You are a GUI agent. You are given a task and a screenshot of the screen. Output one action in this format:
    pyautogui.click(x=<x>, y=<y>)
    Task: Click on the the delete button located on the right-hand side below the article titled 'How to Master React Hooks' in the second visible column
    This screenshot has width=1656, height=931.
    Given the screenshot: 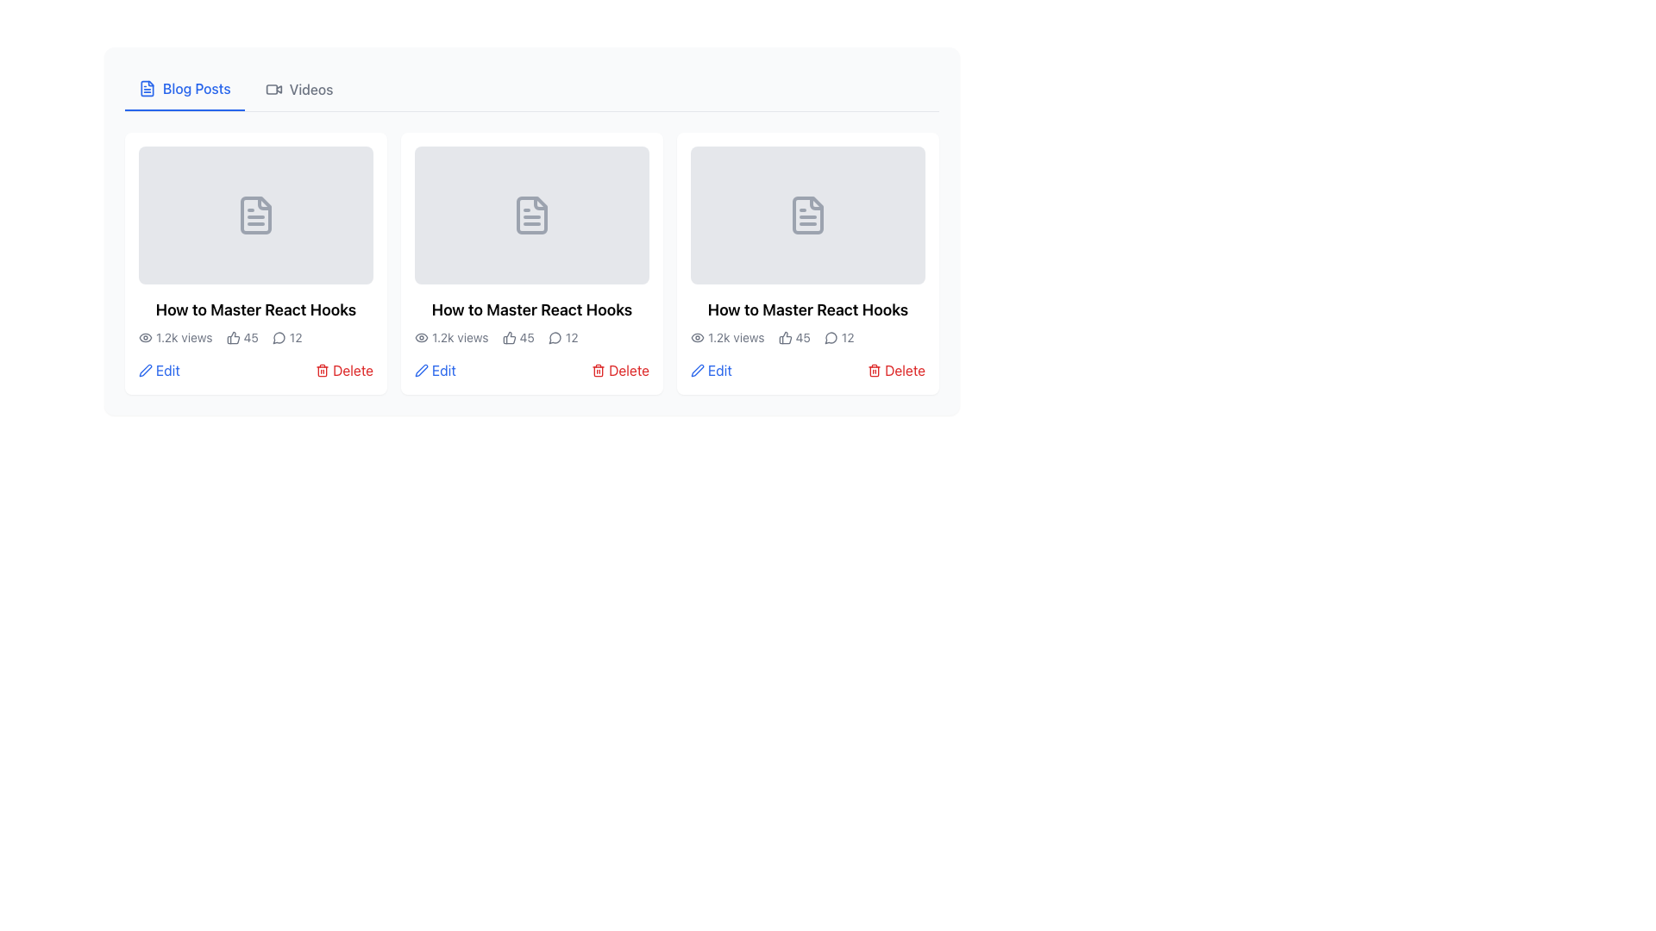 What is the action you would take?
    pyautogui.click(x=620, y=369)
    